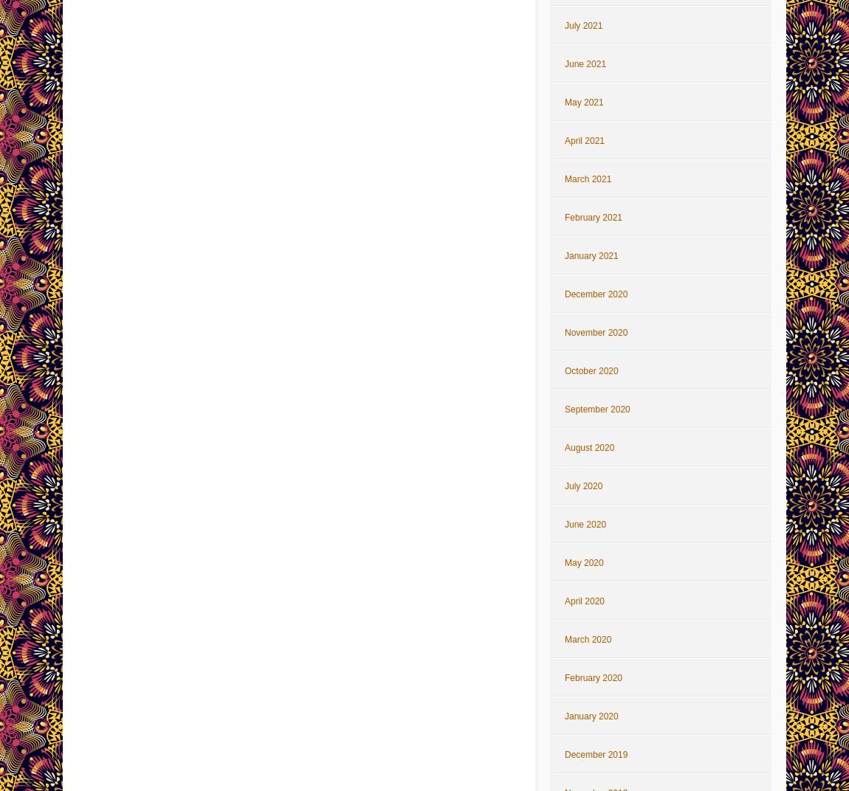 The width and height of the screenshot is (849, 791). I want to click on 'January 2021', so click(563, 256).